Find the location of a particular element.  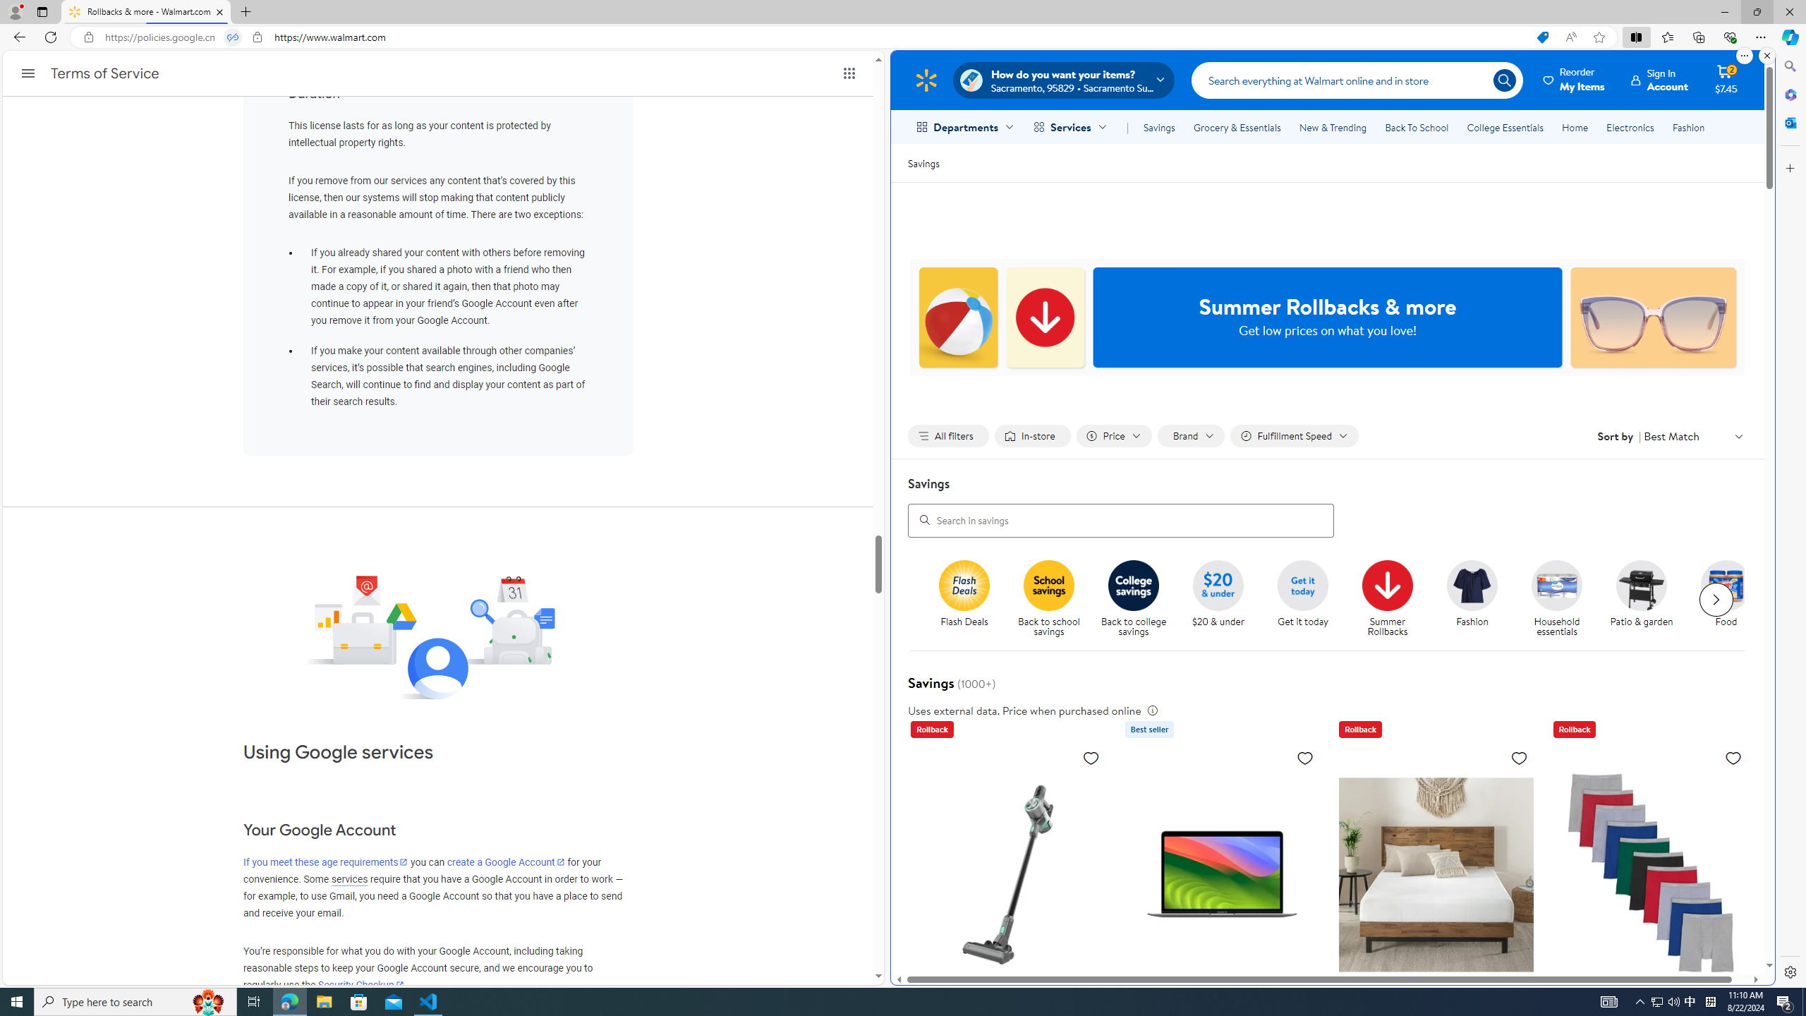

'More options.' is located at coordinates (1743, 55).